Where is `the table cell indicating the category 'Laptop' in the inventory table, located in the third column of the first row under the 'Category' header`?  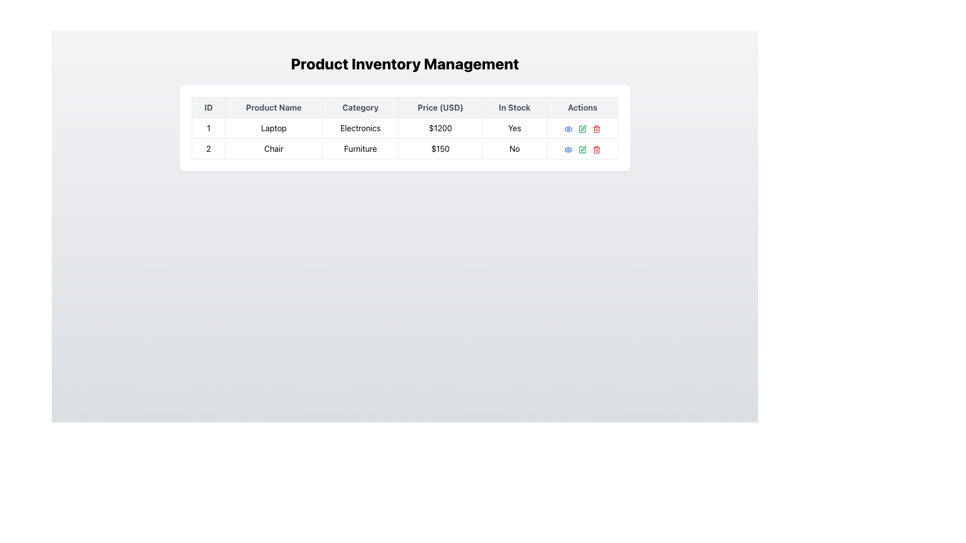
the table cell indicating the category 'Laptop' in the inventory table, located in the third column of the first row under the 'Category' header is located at coordinates (360, 127).